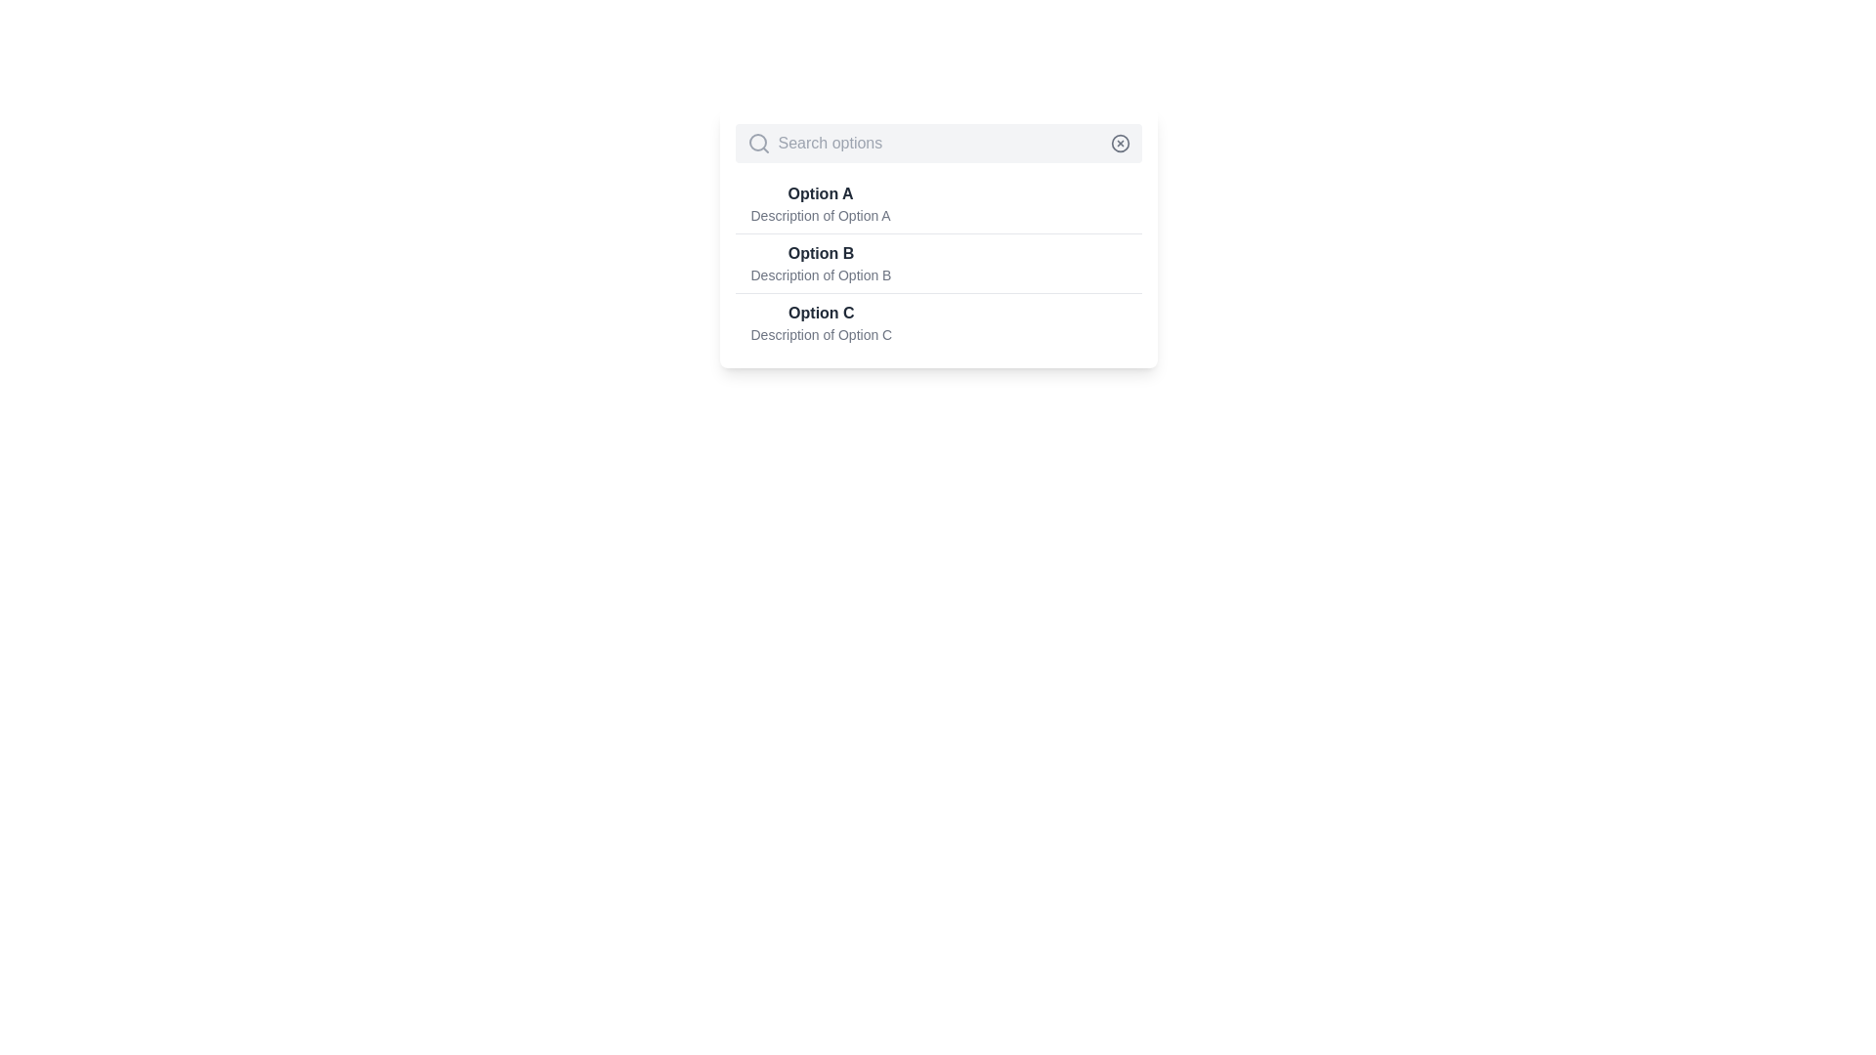 This screenshot has height=1055, width=1876. Describe the element at coordinates (821, 274) in the screenshot. I see `text content of the small text component that says 'Description of Option B', which is located in the dropdown list below the 'Option B' heading` at that location.